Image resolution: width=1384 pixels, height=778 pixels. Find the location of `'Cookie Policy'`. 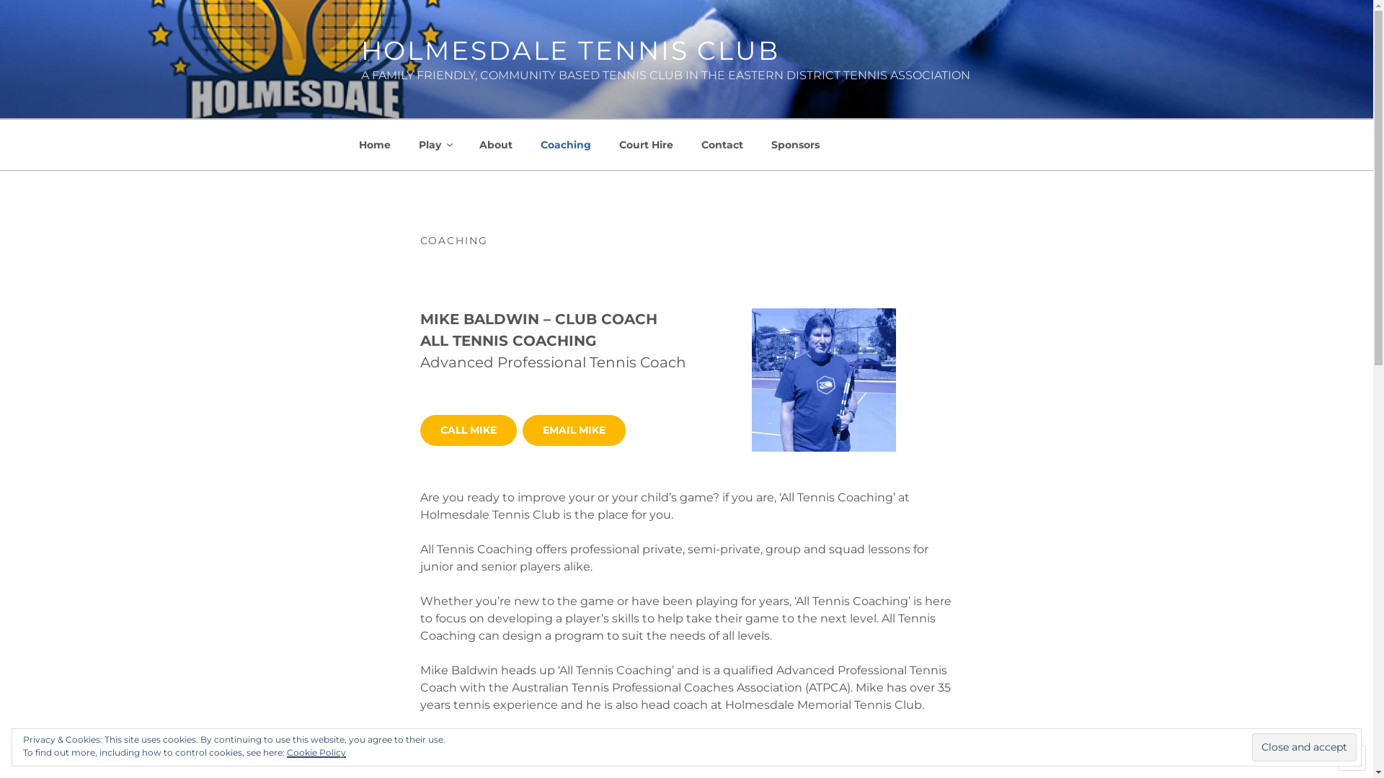

'Cookie Policy' is located at coordinates (315, 751).